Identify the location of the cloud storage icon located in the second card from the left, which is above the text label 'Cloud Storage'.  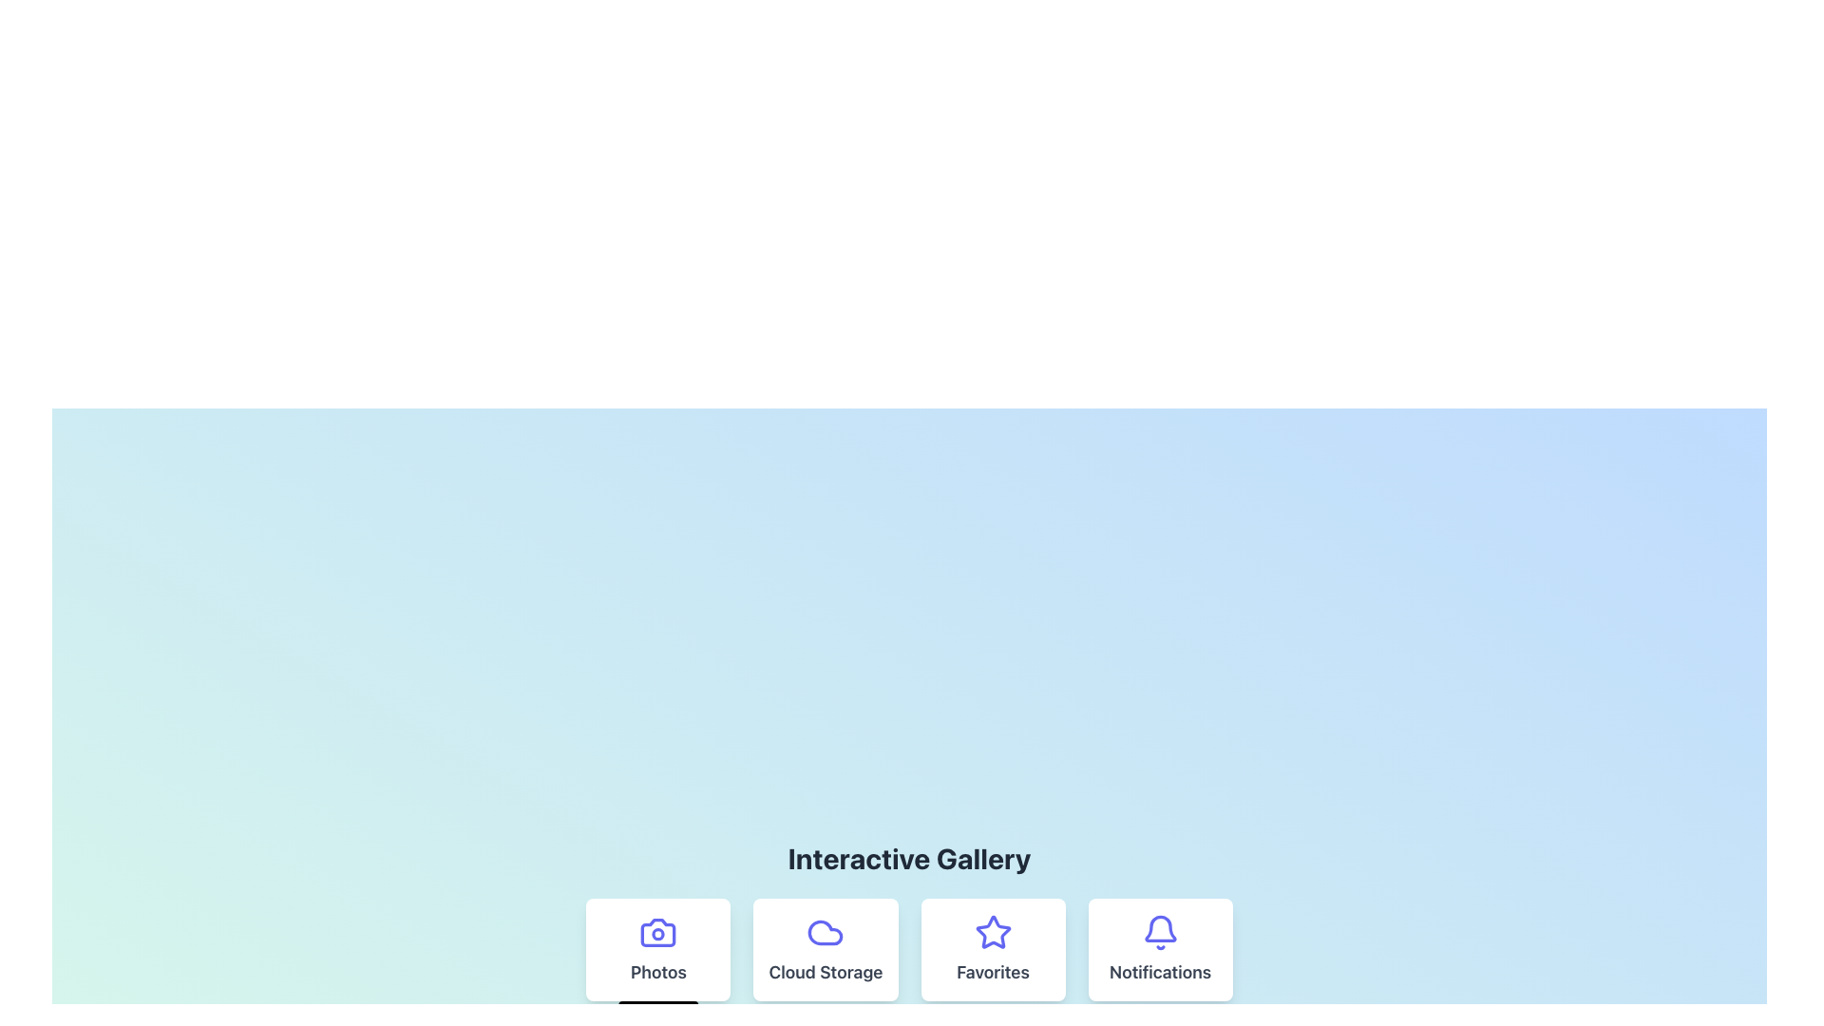
(826, 932).